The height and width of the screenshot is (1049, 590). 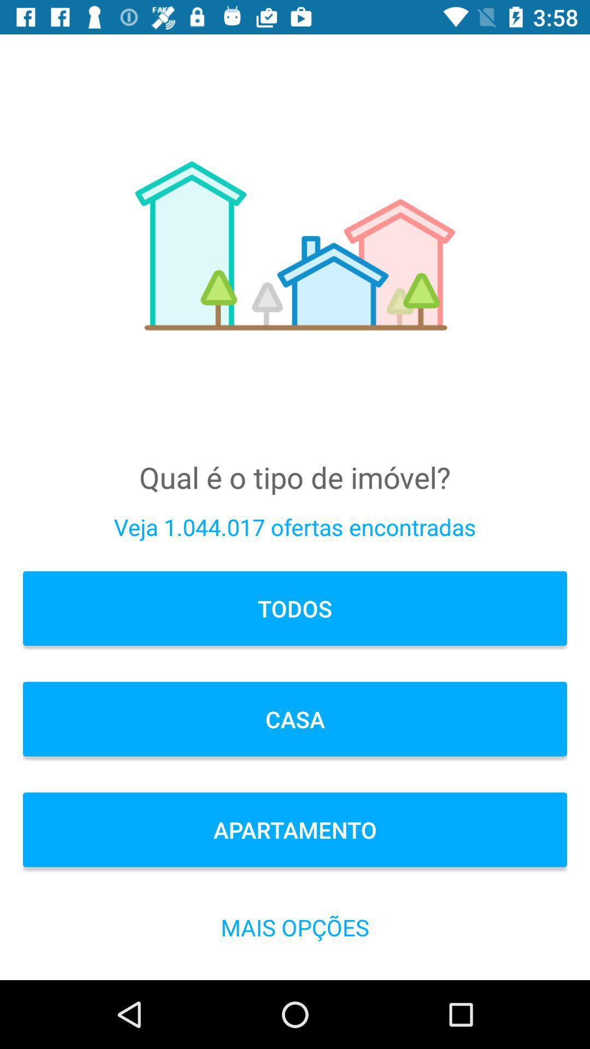 I want to click on item below veja 1 044 icon, so click(x=295, y=608).